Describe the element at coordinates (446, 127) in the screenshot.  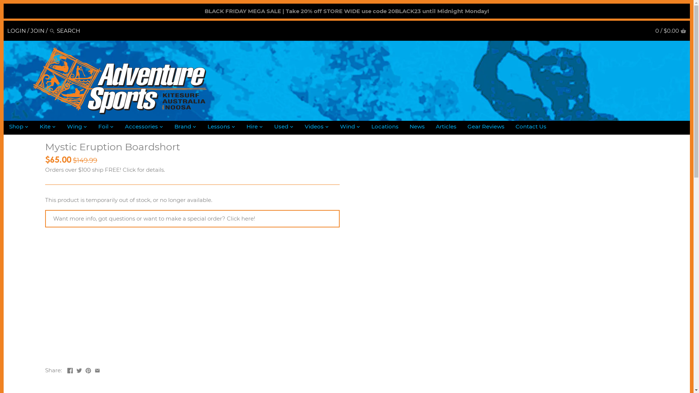
I see `'Articles'` at that location.